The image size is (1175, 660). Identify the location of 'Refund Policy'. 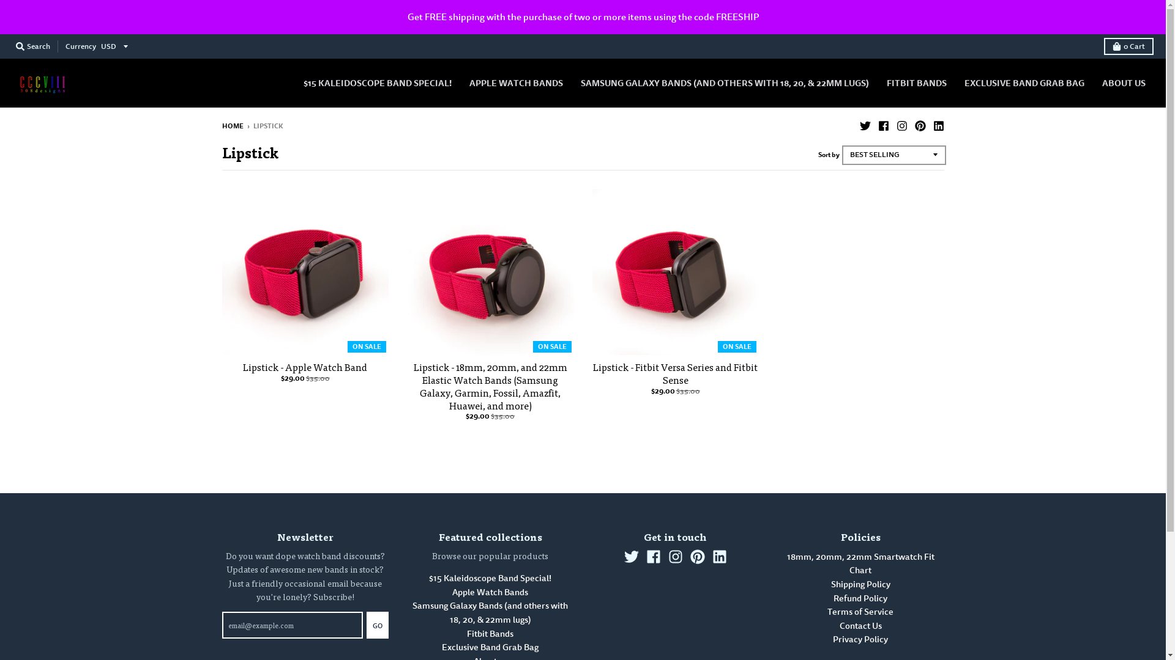
(860, 598).